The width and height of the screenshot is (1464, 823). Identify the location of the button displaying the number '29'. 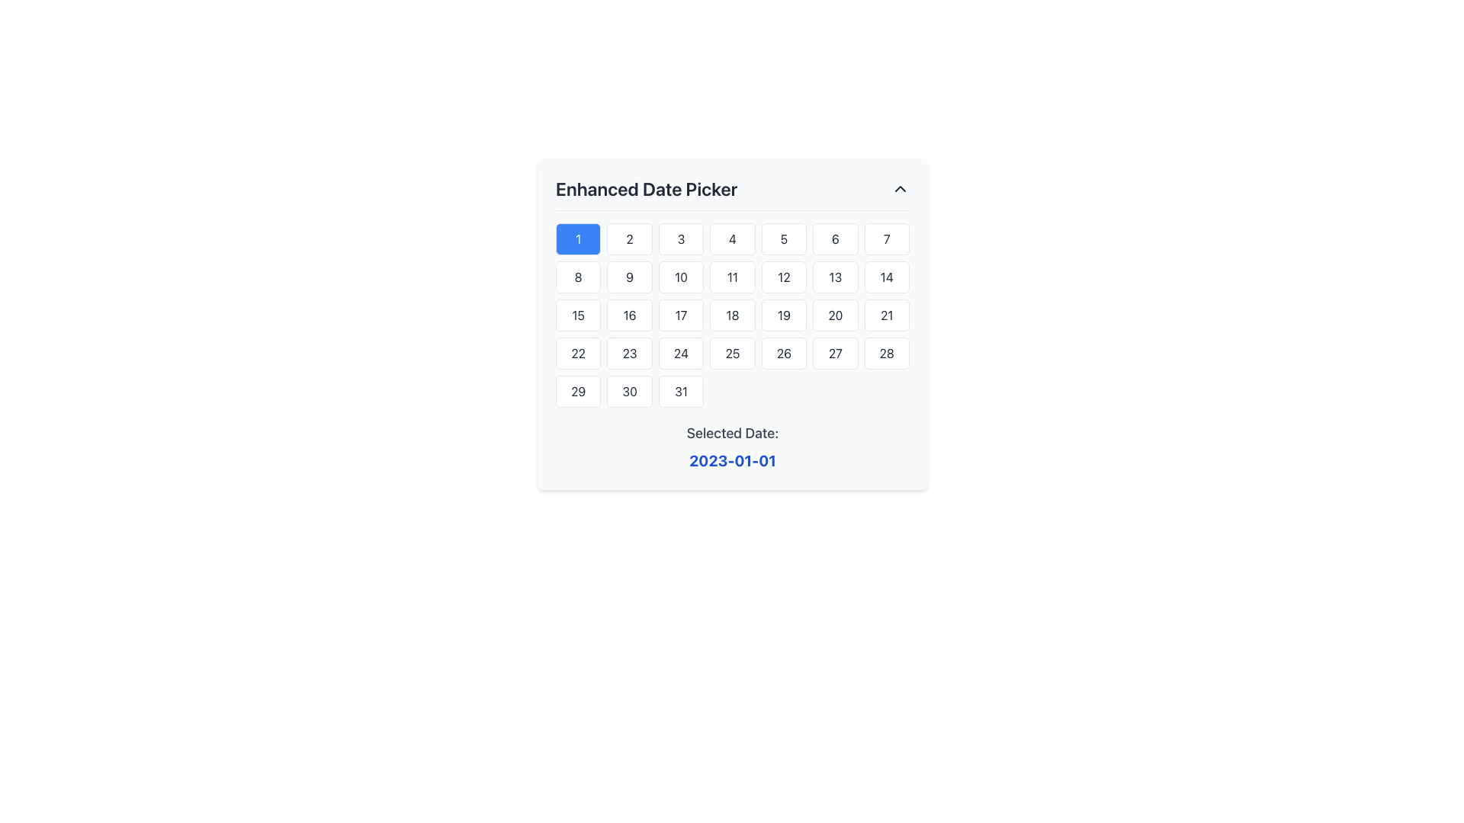
(577, 390).